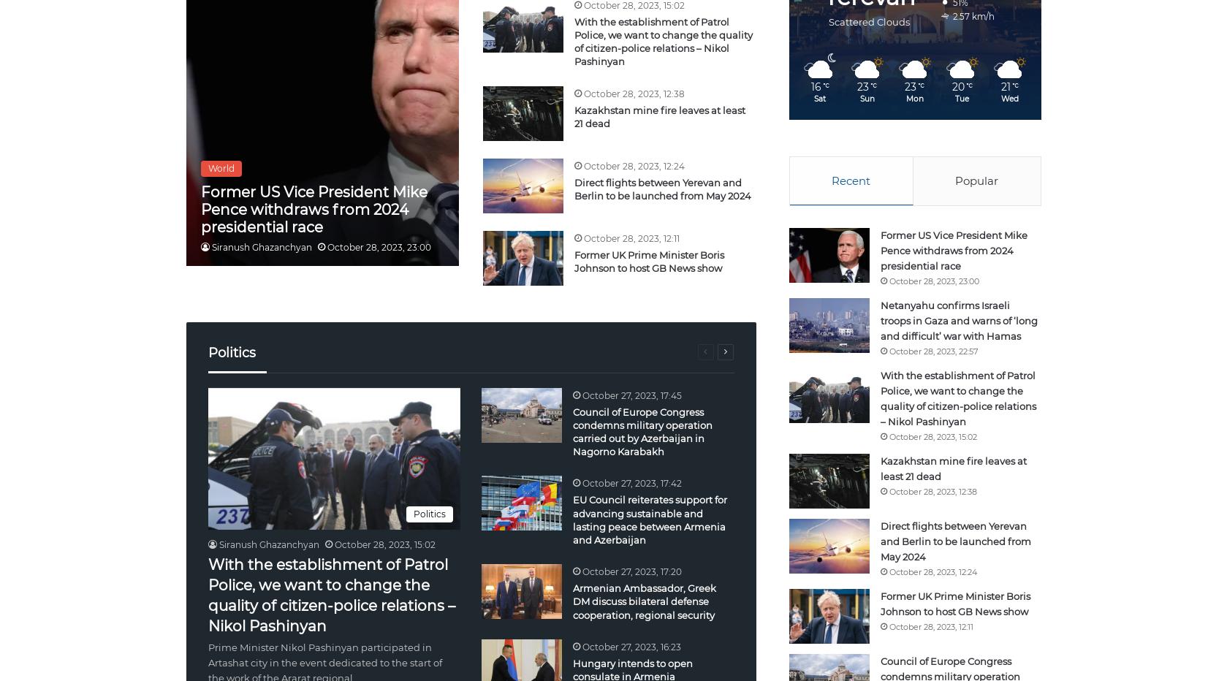  What do you see at coordinates (858, 97) in the screenshot?
I see `'Sun'` at bounding box center [858, 97].